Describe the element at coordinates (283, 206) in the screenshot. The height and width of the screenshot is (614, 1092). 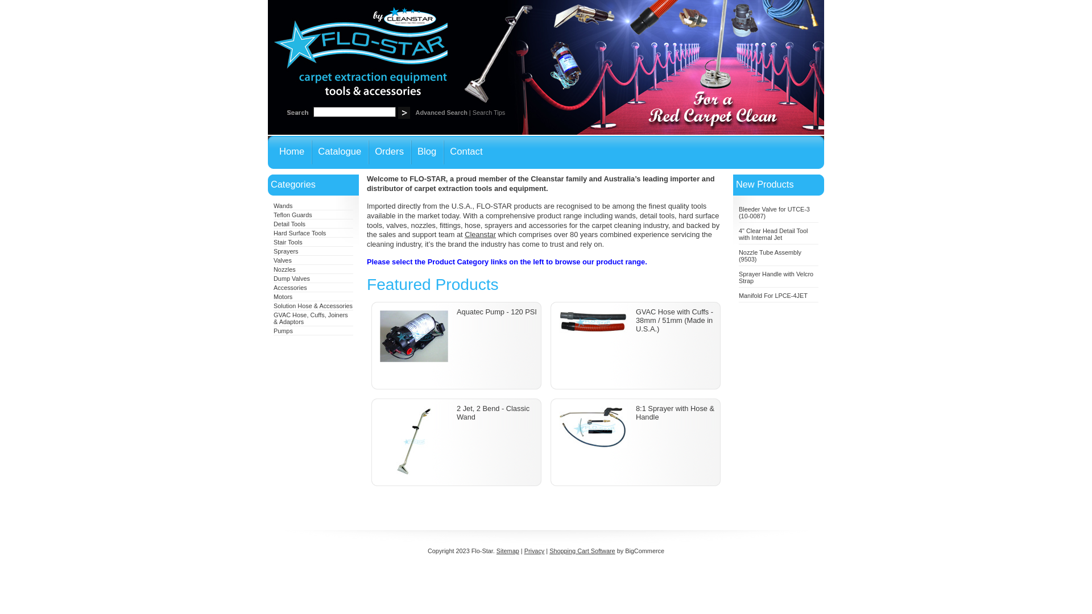
I see `'Wands'` at that location.